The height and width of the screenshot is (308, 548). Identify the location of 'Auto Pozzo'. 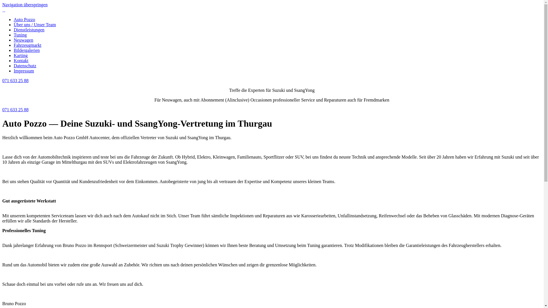
(24, 19).